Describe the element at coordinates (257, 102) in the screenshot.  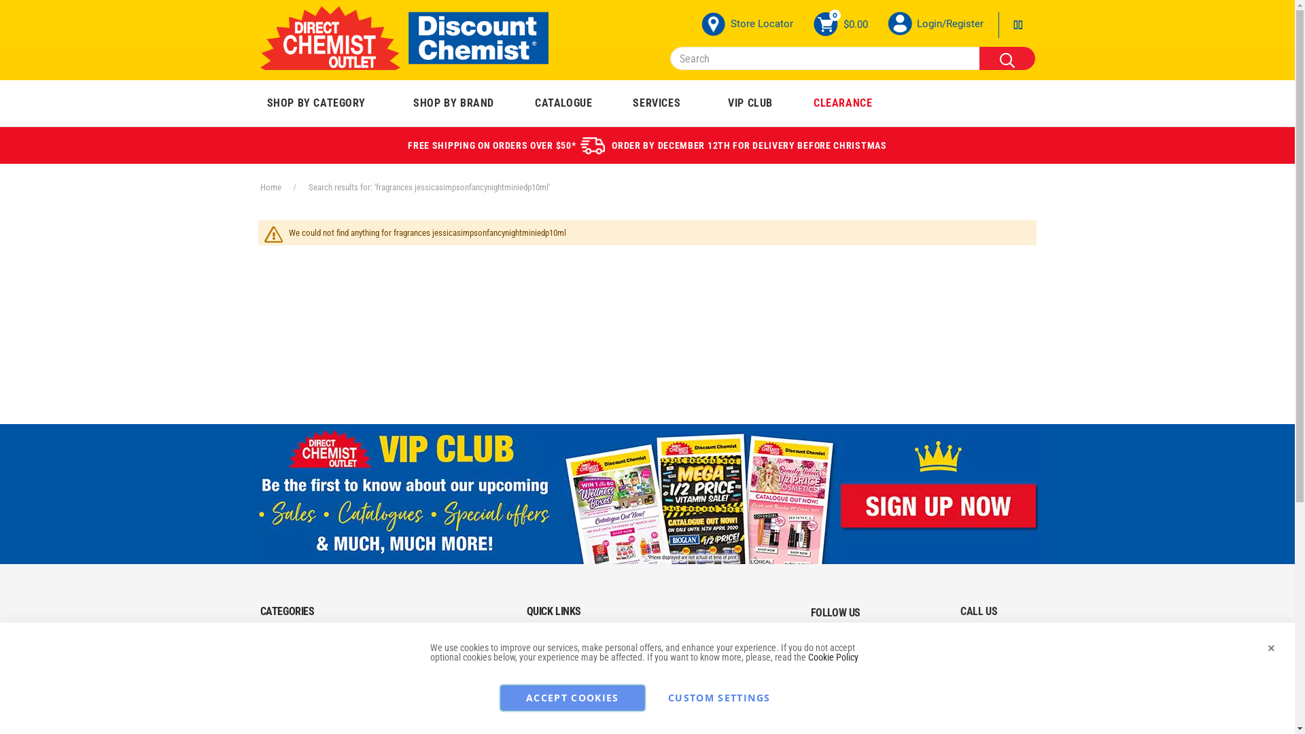
I see `'SHOP BY CATEGORY'` at that location.